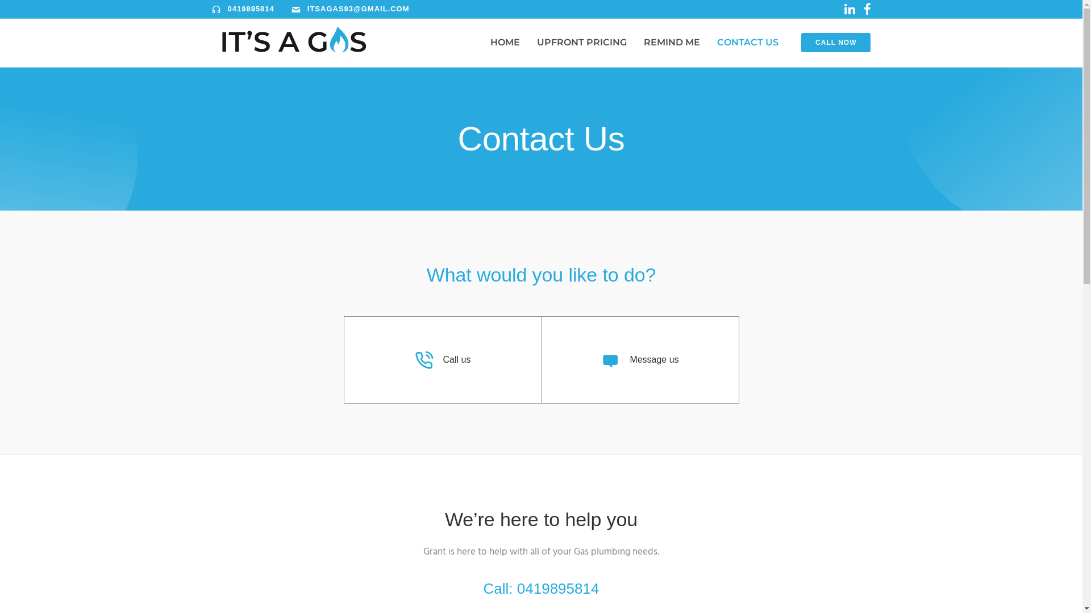 The image size is (1091, 613). What do you see at coordinates (835, 41) in the screenshot?
I see `'CALL NOW'` at bounding box center [835, 41].